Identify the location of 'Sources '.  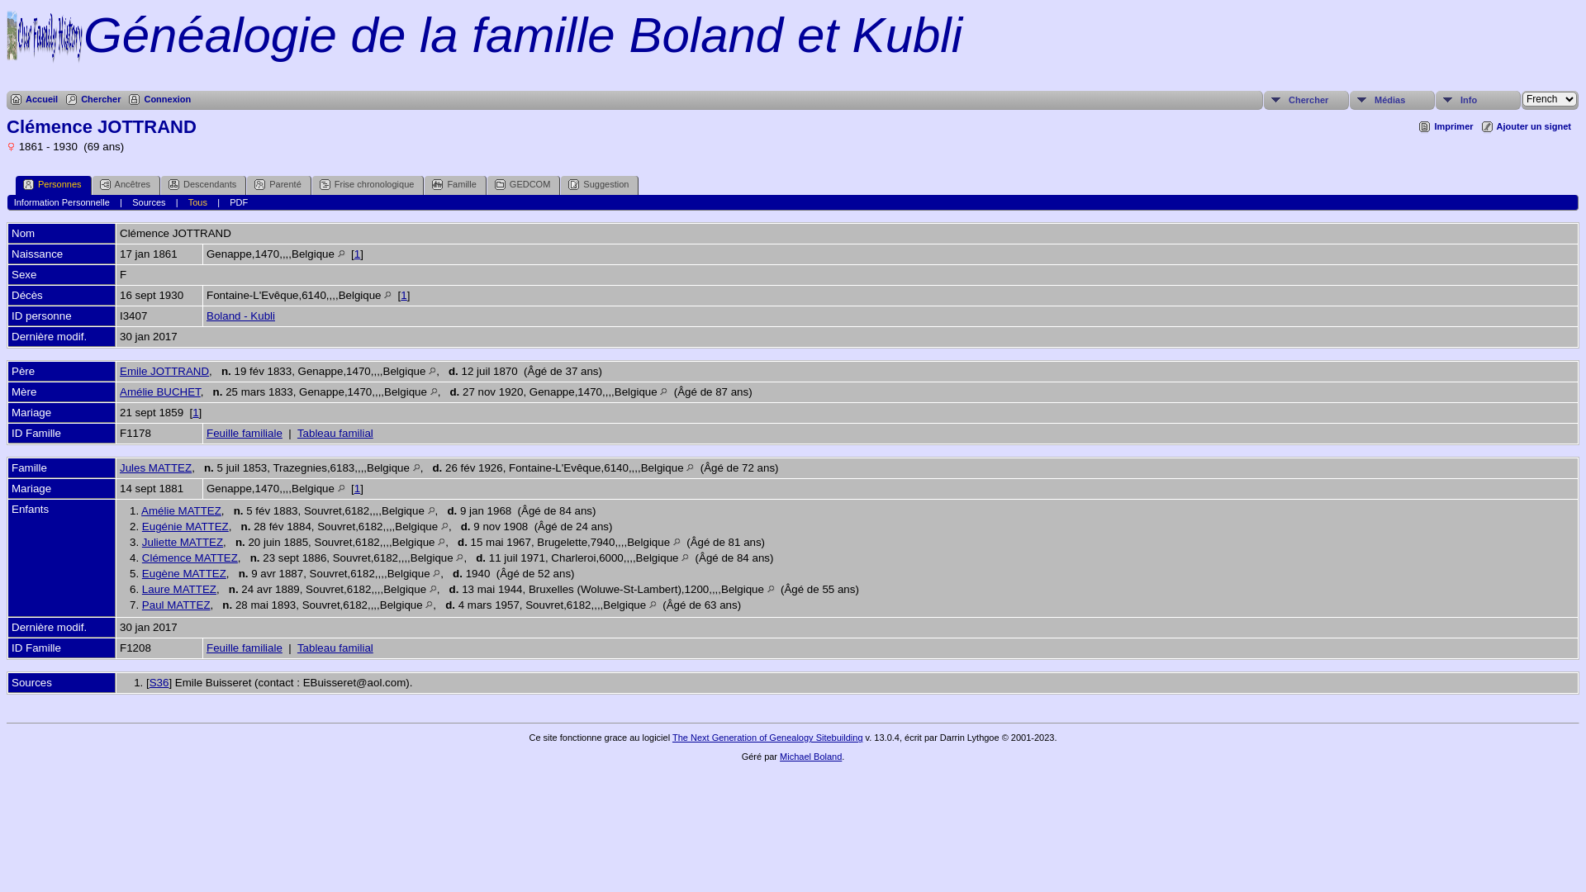
(12, 682).